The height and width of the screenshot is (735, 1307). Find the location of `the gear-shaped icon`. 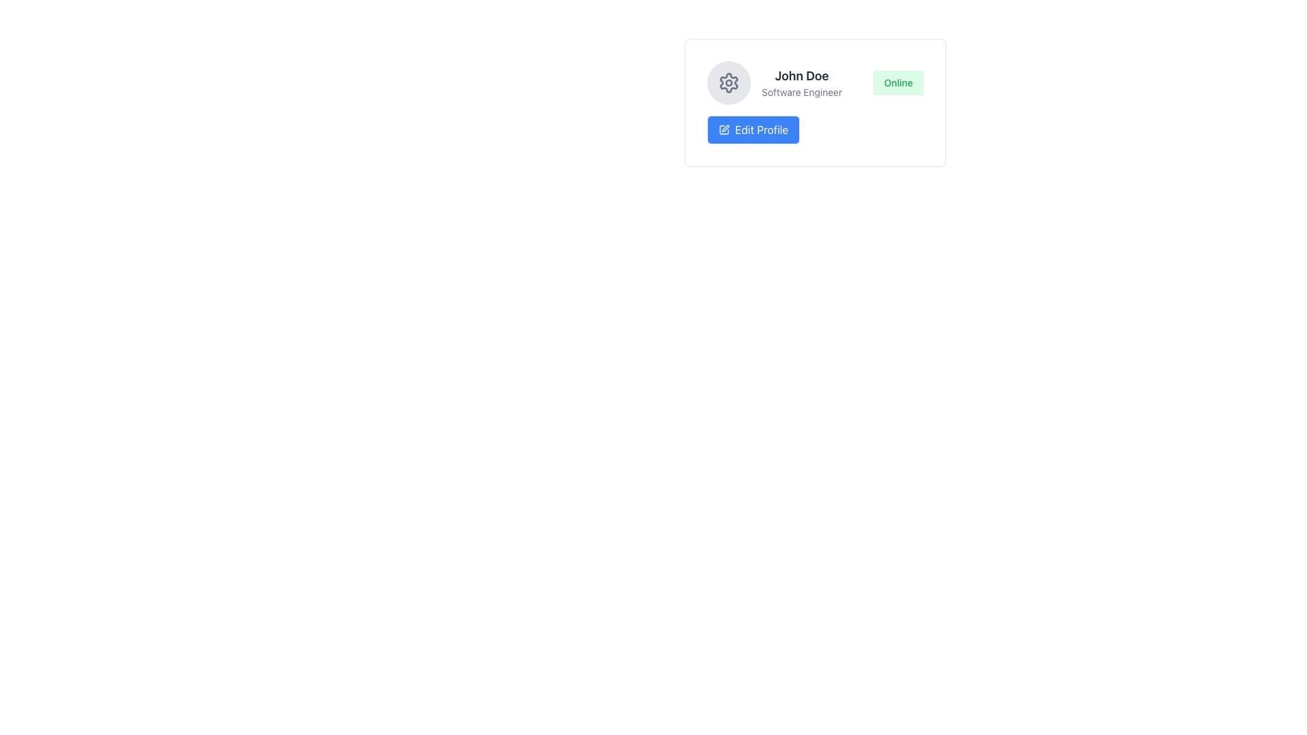

the gear-shaped icon is located at coordinates (728, 82).